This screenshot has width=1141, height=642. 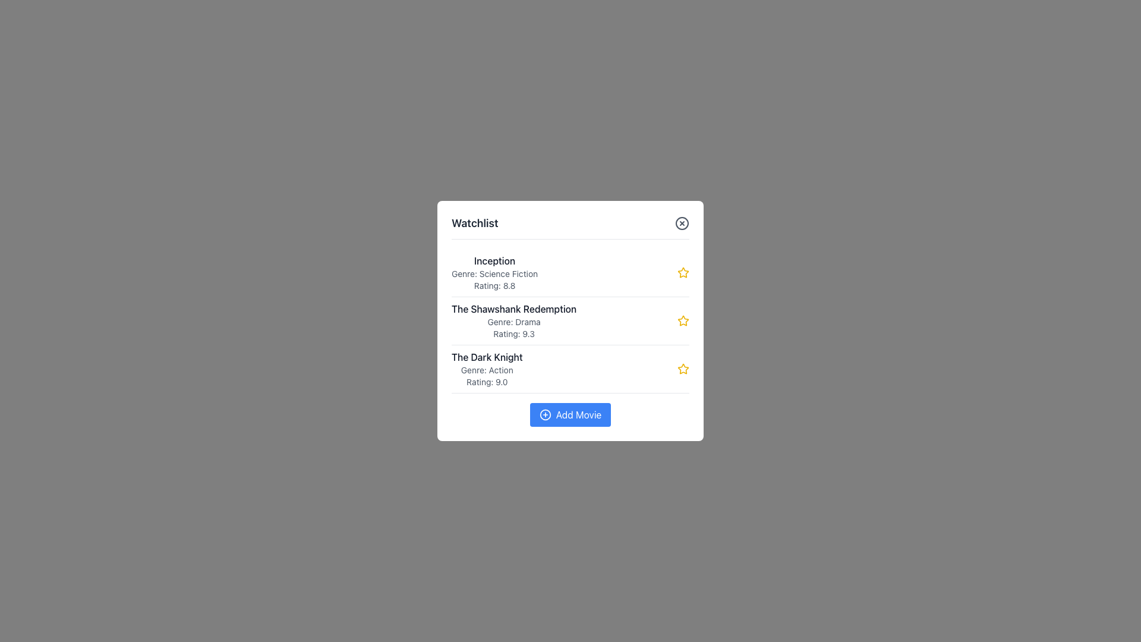 I want to click on text label displaying the title of a movie in the Watchlist, which is located at the center of the card interface in the second row, so click(x=514, y=309).